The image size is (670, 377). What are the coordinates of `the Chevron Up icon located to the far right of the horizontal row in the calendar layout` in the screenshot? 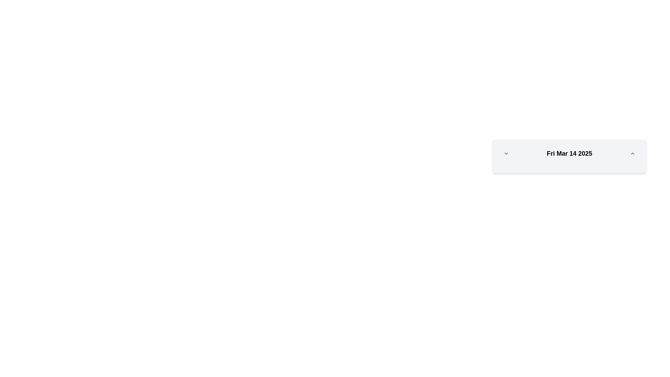 It's located at (633, 153).